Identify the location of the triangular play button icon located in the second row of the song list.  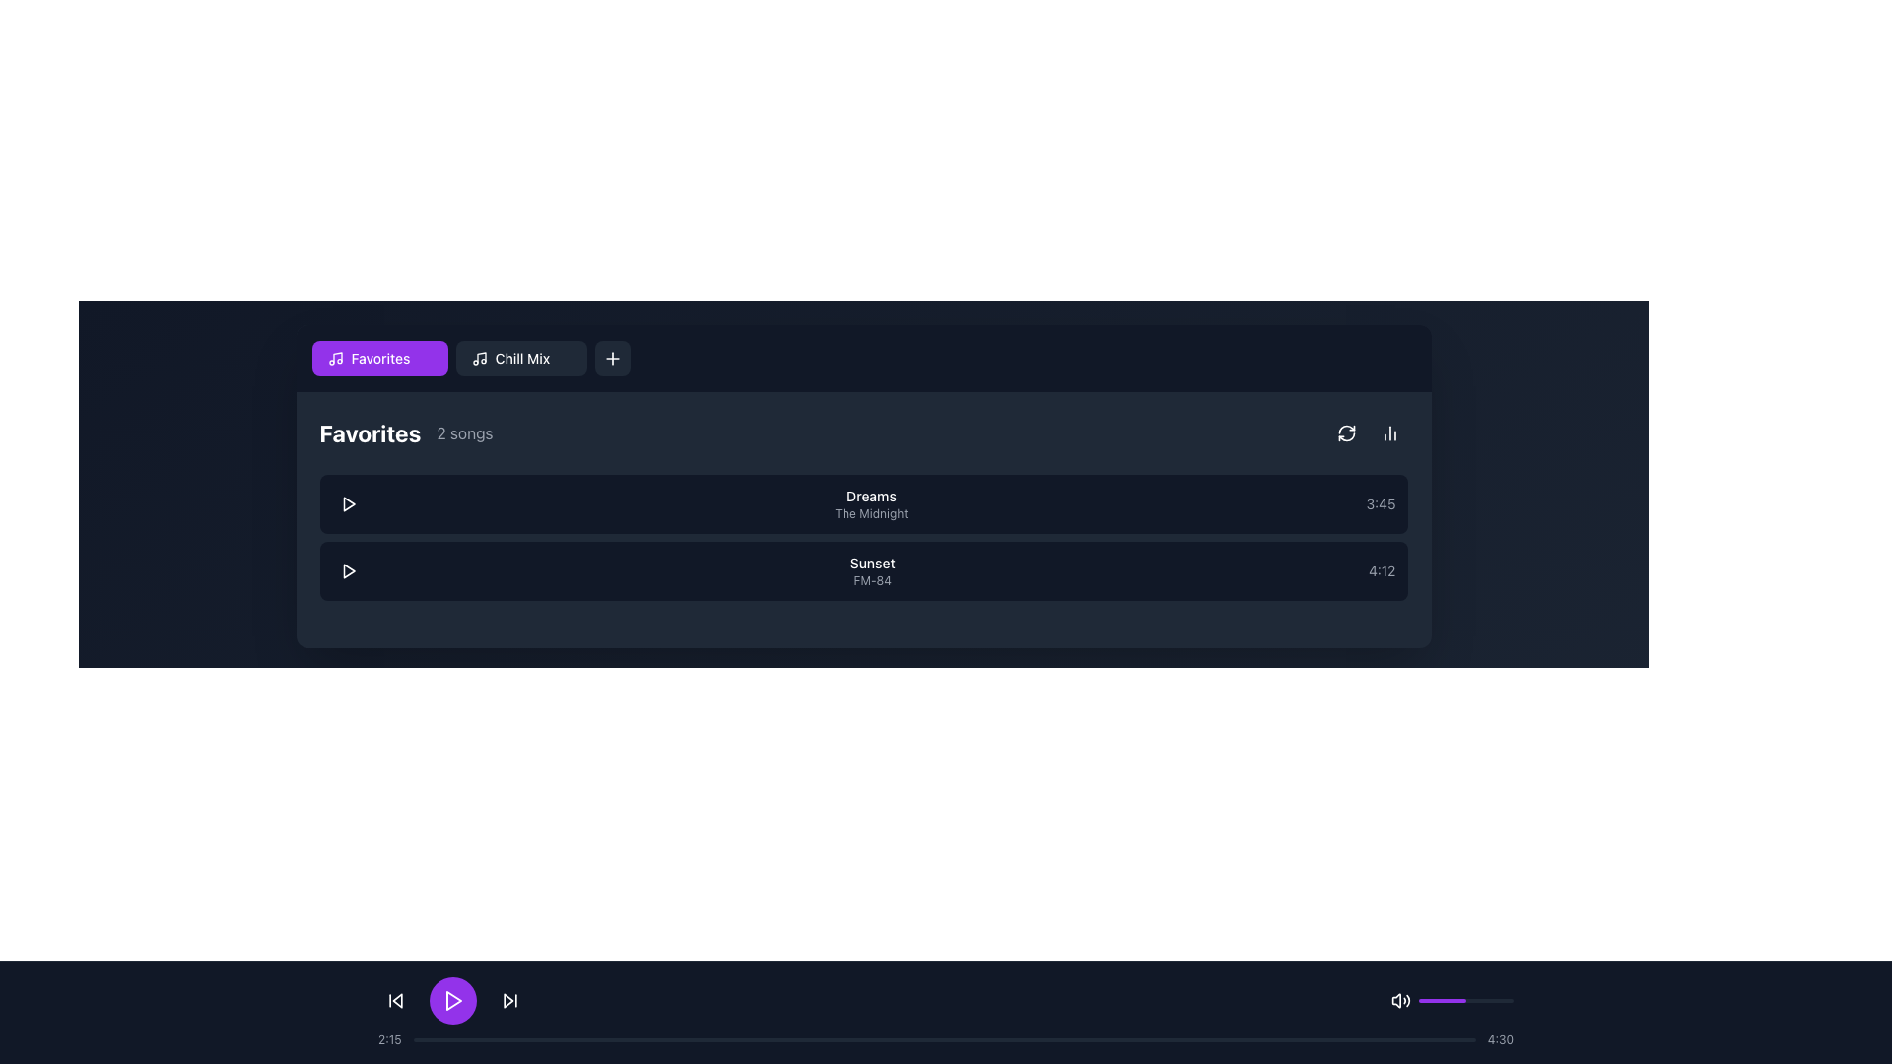
(349, 503).